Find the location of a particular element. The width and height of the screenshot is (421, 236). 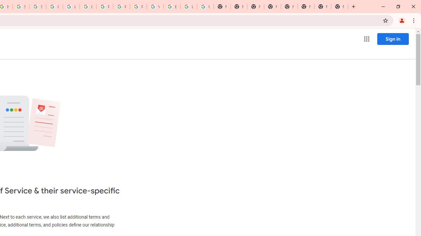

'YouTube' is located at coordinates (155, 7).